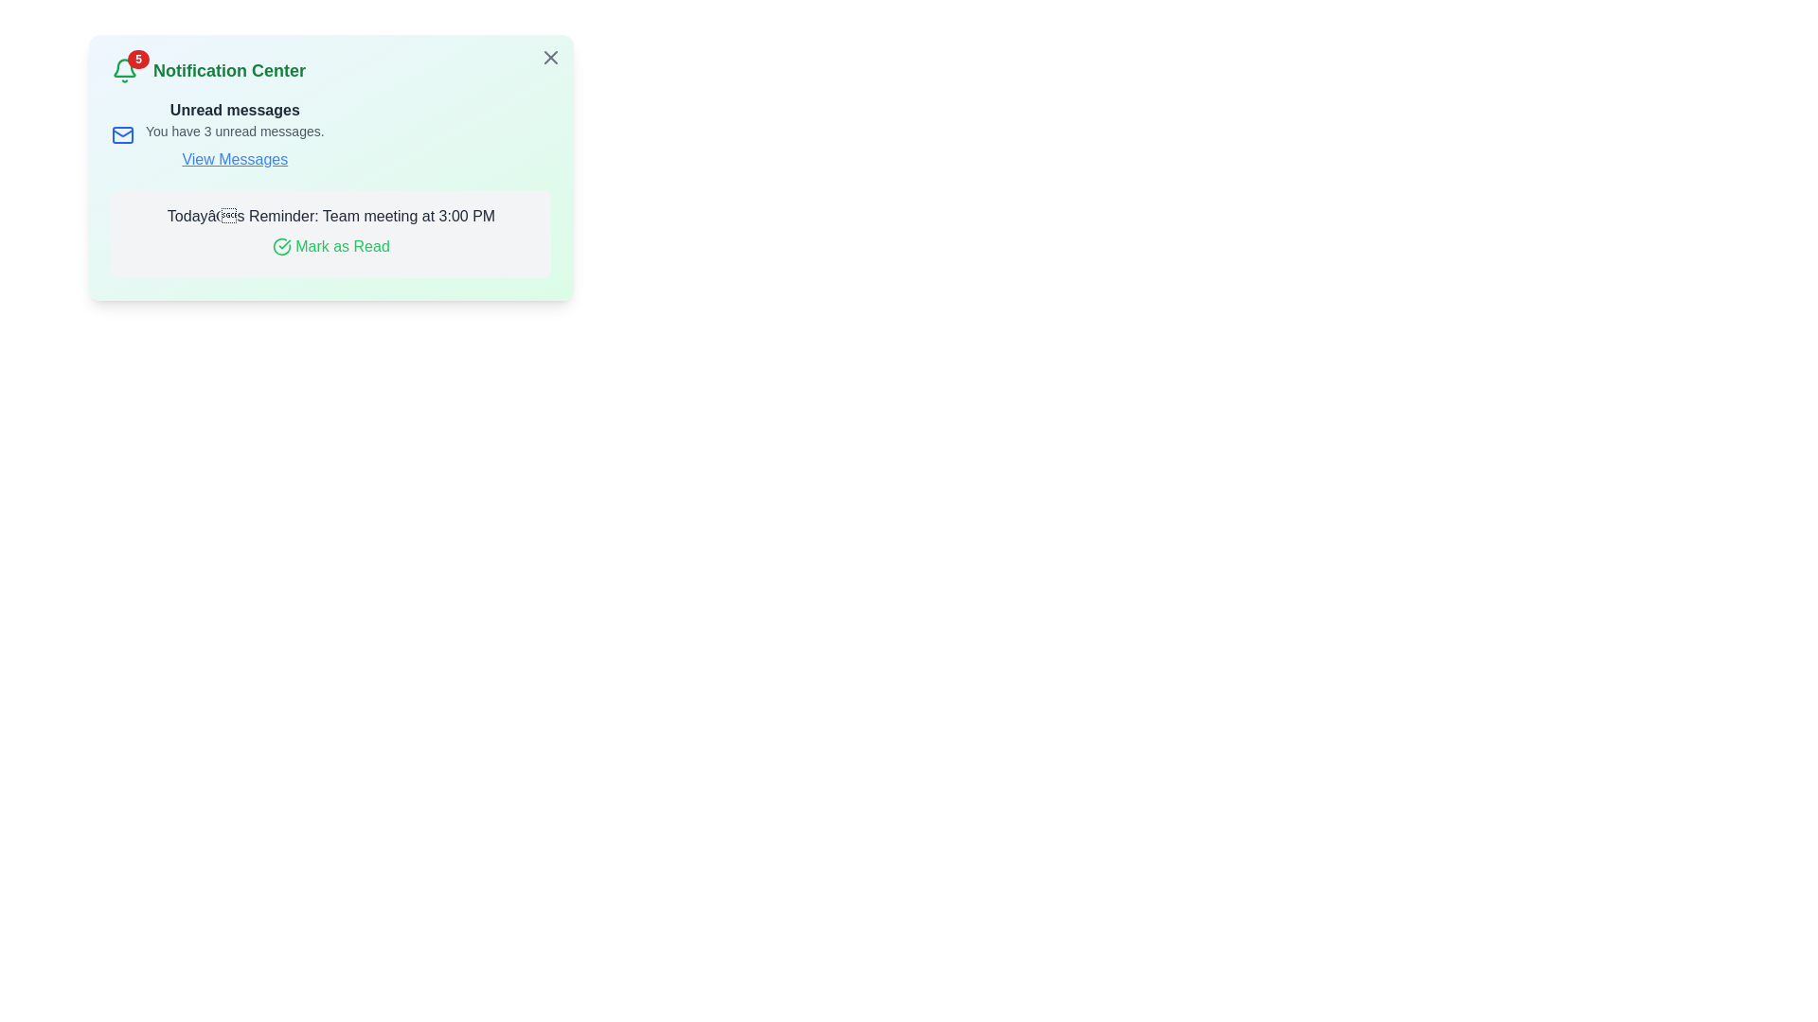  Describe the element at coordinates (331, 133) in the screenshot. I see `the 'View Messages' link within the 'Unread messages' notification block to read the content` at that location.